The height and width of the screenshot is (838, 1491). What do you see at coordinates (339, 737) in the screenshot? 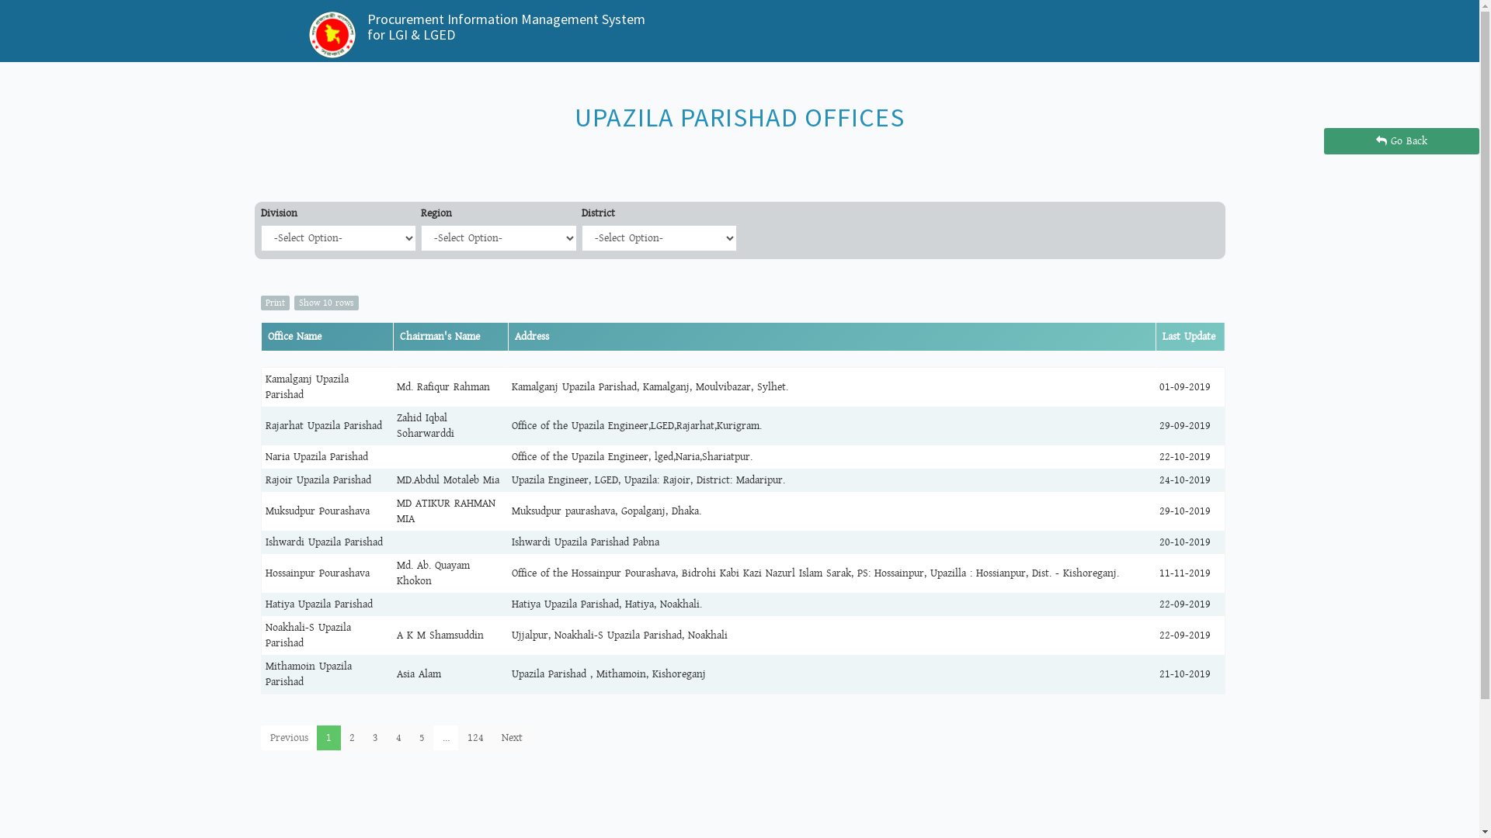
I see `'2'` at bounding box center [339, 737].